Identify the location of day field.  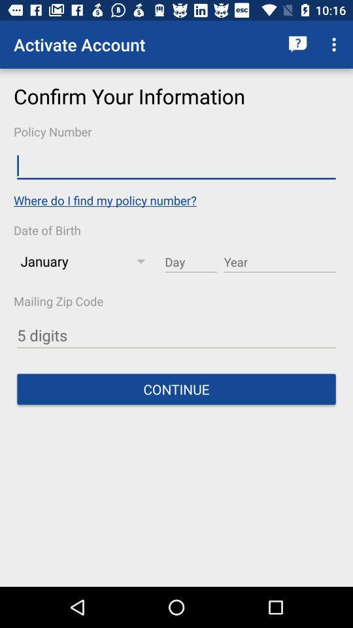
(190, 262).